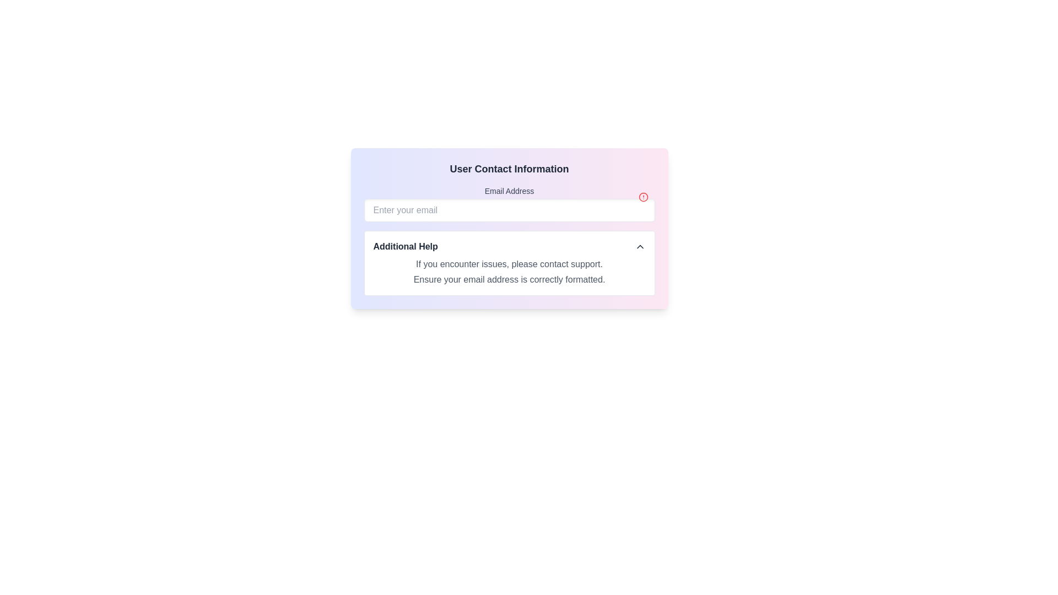  What do you see at coordinates (509, 169) in the screenshot?
I see `the bold text label 'User Contact Information' at the top of the card` at bounding box center [509, 169].